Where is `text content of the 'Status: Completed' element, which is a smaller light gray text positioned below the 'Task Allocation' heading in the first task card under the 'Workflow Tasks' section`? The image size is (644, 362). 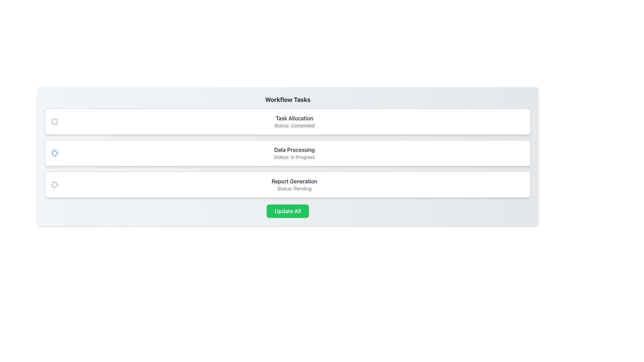 text content of the 'Status: Completed' element, which is a smaller light gray text positioned below the 'Task Allocation' heading in the first task card under the 'Workflow Tasks' section is located at coordinates (294, 125).